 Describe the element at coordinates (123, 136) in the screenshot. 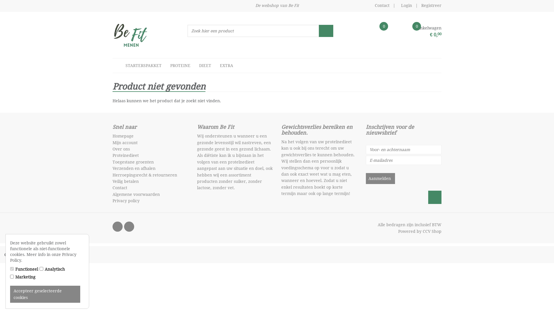

I see `'Homepage'` at that location.